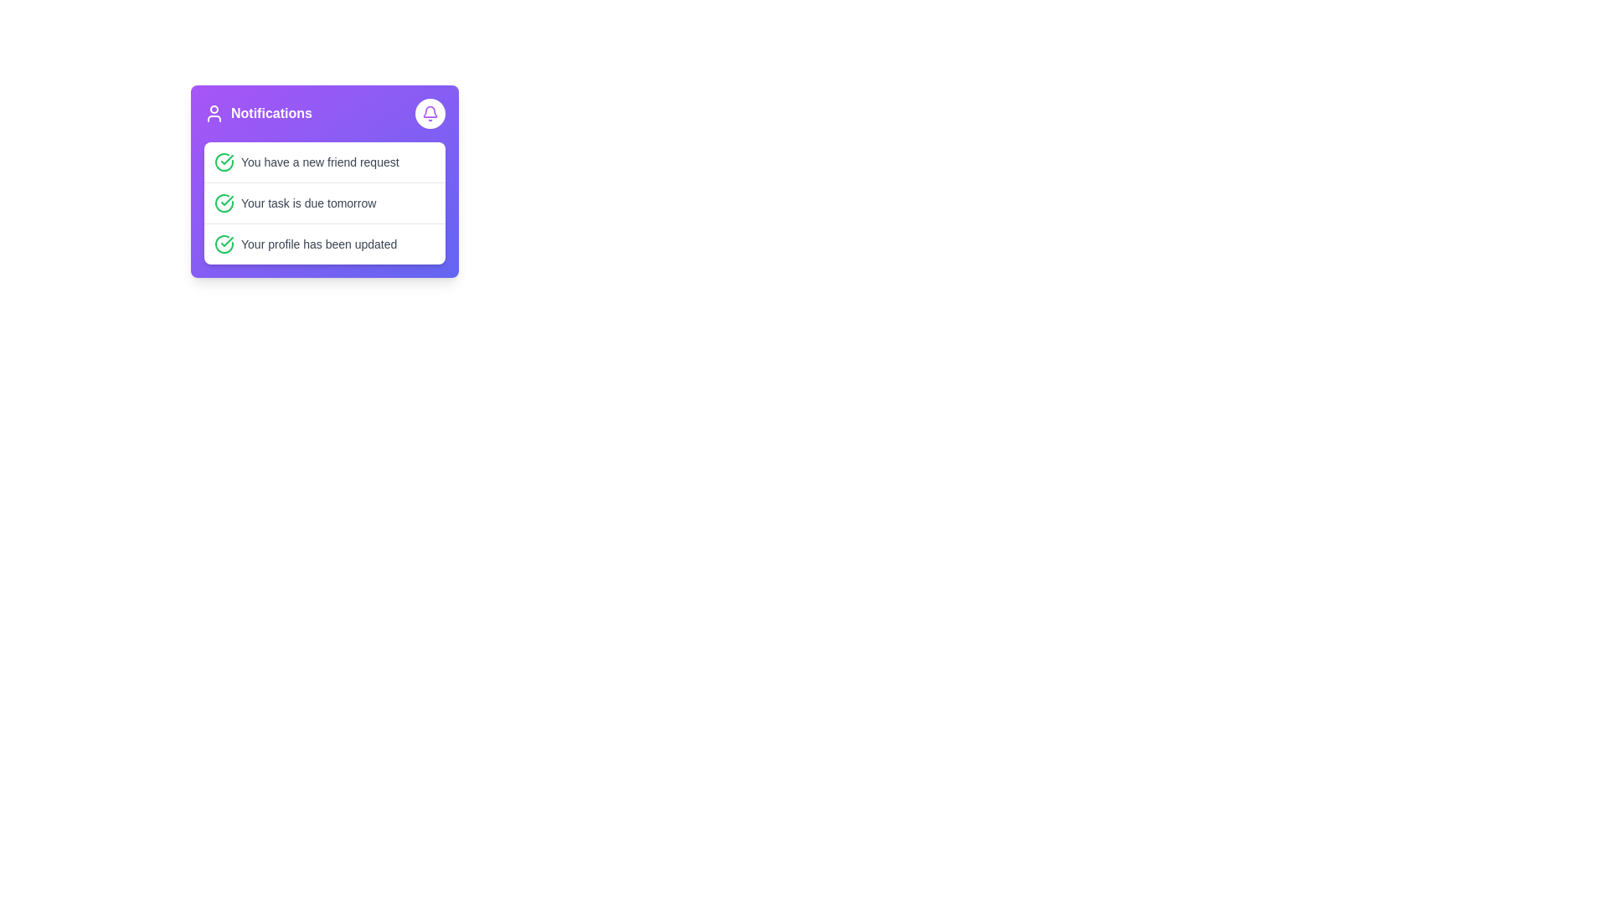 This screenshot has width=1608, height=904. What do you see at coordinates (325, 162) in the screenshot?
I see `text of the first notification item under the 'Notifications' title, which informs the user about a new friend request` at bounding box center [325, 162].